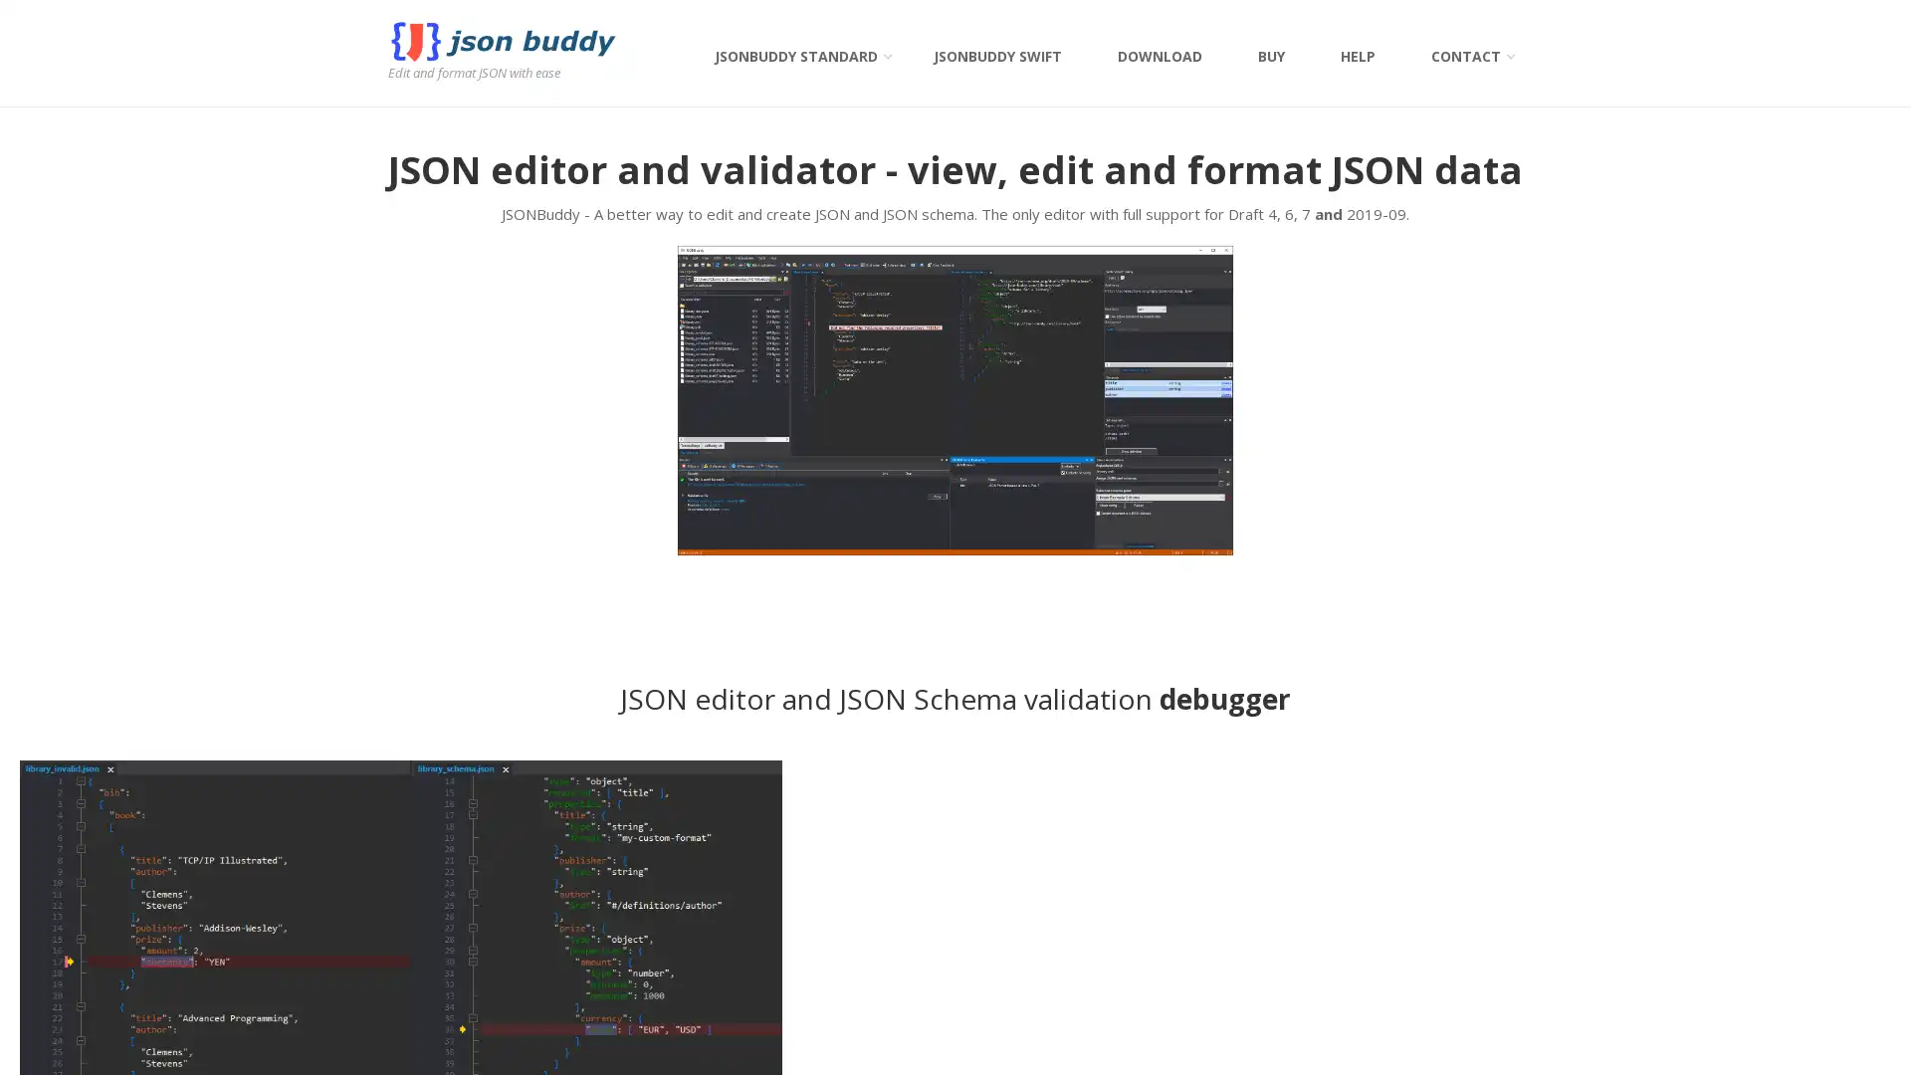  I want to click on DOWNLOAD FREE TRIAL, so click(1387, 559).